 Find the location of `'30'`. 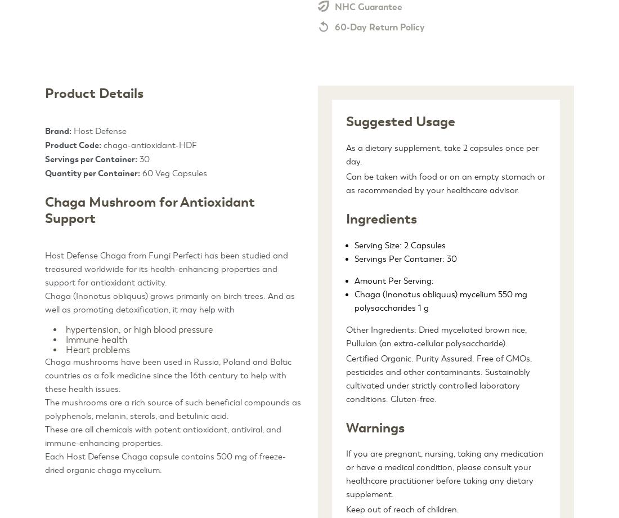

'30' is located at coordinates (143, 158).